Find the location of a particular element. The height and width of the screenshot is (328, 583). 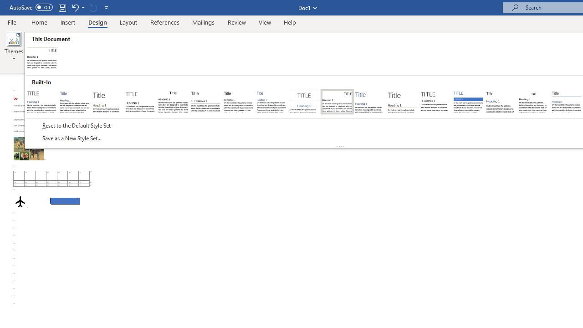

'Themes' is located at coordinates (14, 47).